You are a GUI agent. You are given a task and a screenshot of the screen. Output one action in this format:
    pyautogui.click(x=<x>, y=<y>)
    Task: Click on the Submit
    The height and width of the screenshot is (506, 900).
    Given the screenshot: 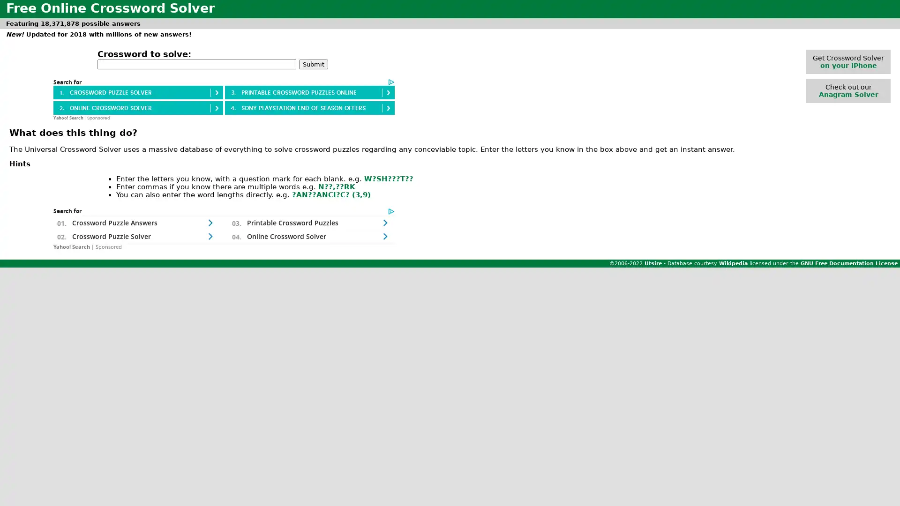 What is the action you would take?
    pyautogui.click(x=313, y=63)
    